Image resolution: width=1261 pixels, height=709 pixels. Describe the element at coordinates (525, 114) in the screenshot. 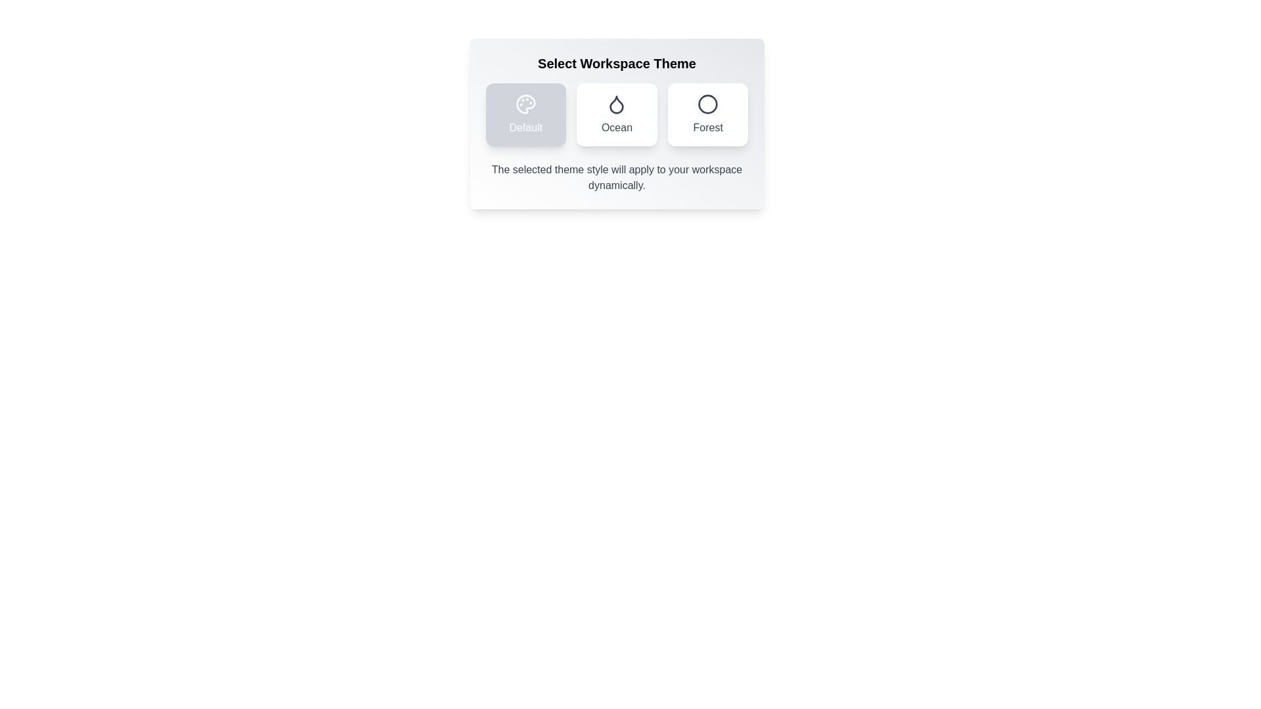

I see `the Default theme option to observe the visual feedback` at that location.